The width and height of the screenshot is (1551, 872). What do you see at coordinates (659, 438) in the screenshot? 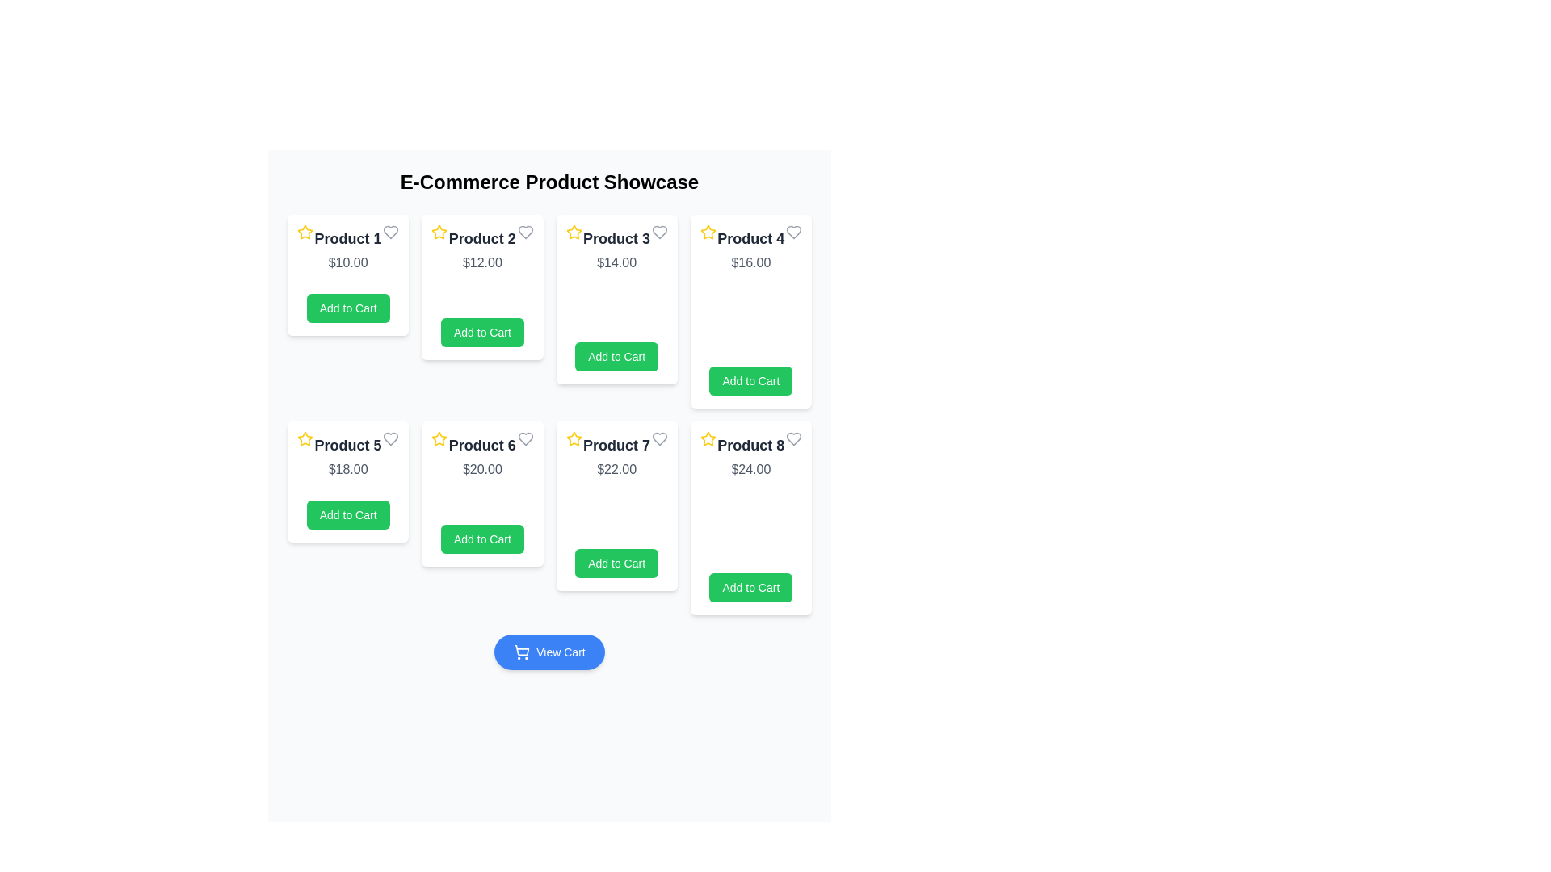
I see `the heart-shaped icon button located at the top-right corner of the 'Product 7' card` at bounding box center [659, 438].